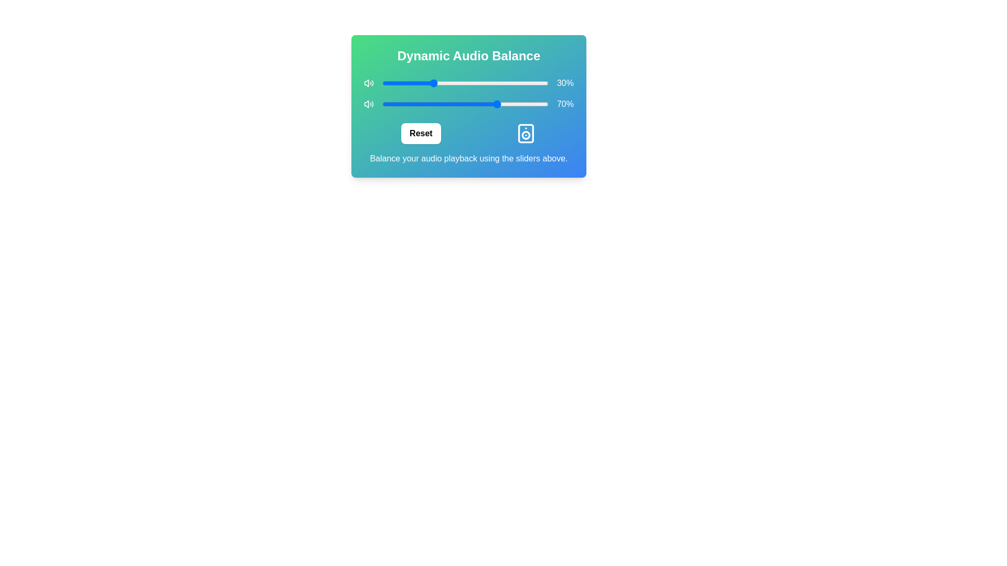  I want to click on the SVG Circle element that serves as a visual indicator within the SVG, located at the bottom-right area of the primary card interface, so click(526, 135).